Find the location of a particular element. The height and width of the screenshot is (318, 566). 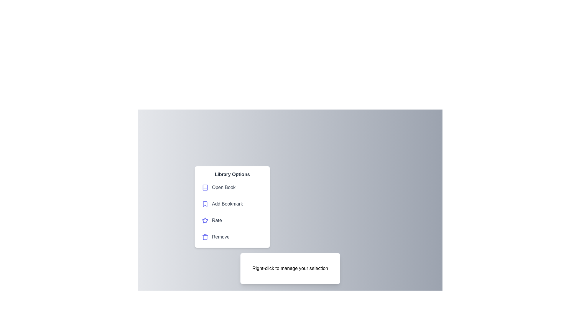

the designated area to toggle the context menu visibility is located at coordinates (290, 268).